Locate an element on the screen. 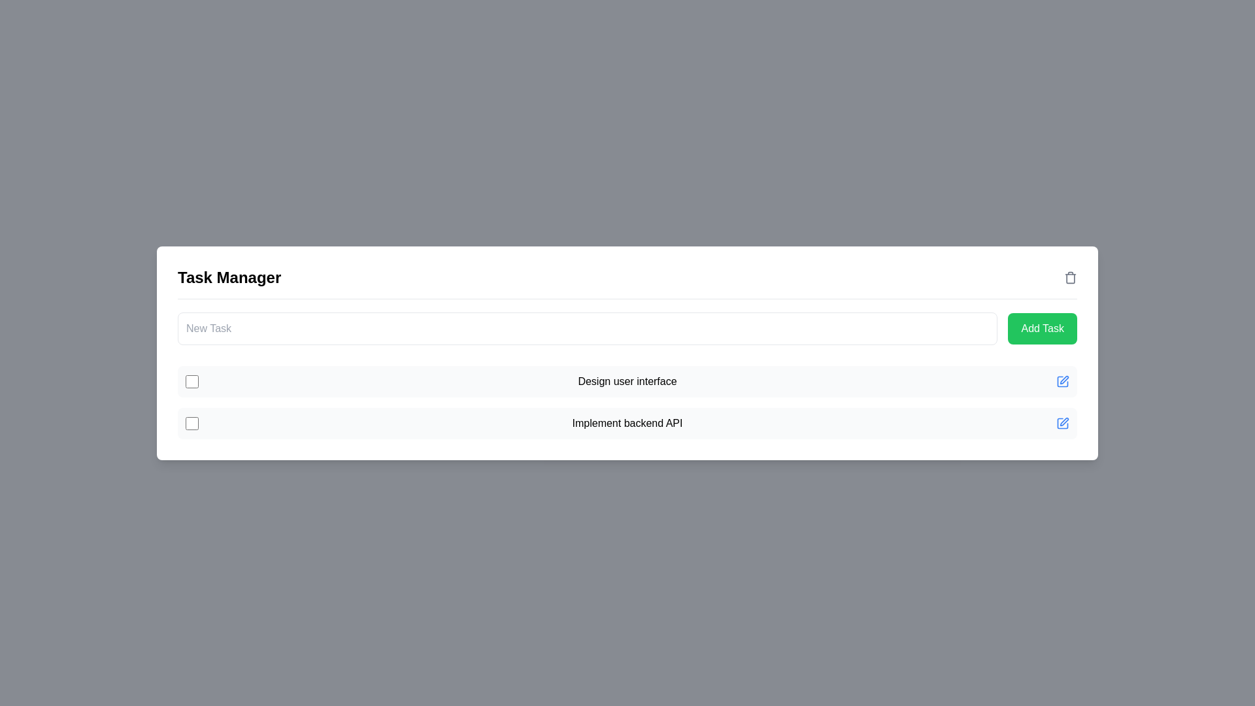  the checkbox for the task 'Design user interface', which is located to the left of its textual description in the task row is located at coordinates (191, 380).